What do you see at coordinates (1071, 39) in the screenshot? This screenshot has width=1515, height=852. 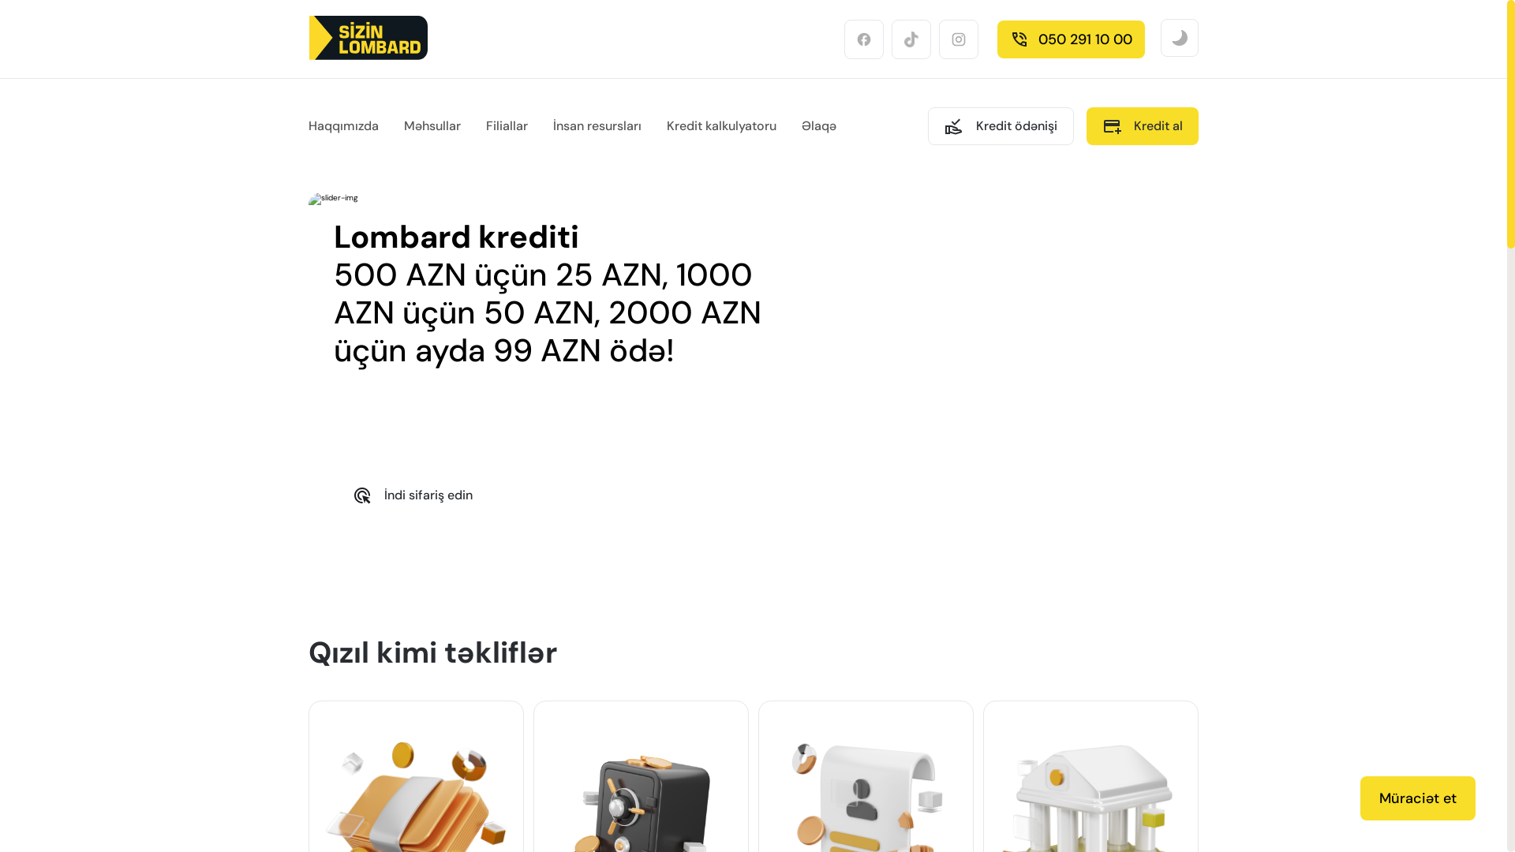 I see `'050 291 10 00'` at bounding box center [1071, 39].